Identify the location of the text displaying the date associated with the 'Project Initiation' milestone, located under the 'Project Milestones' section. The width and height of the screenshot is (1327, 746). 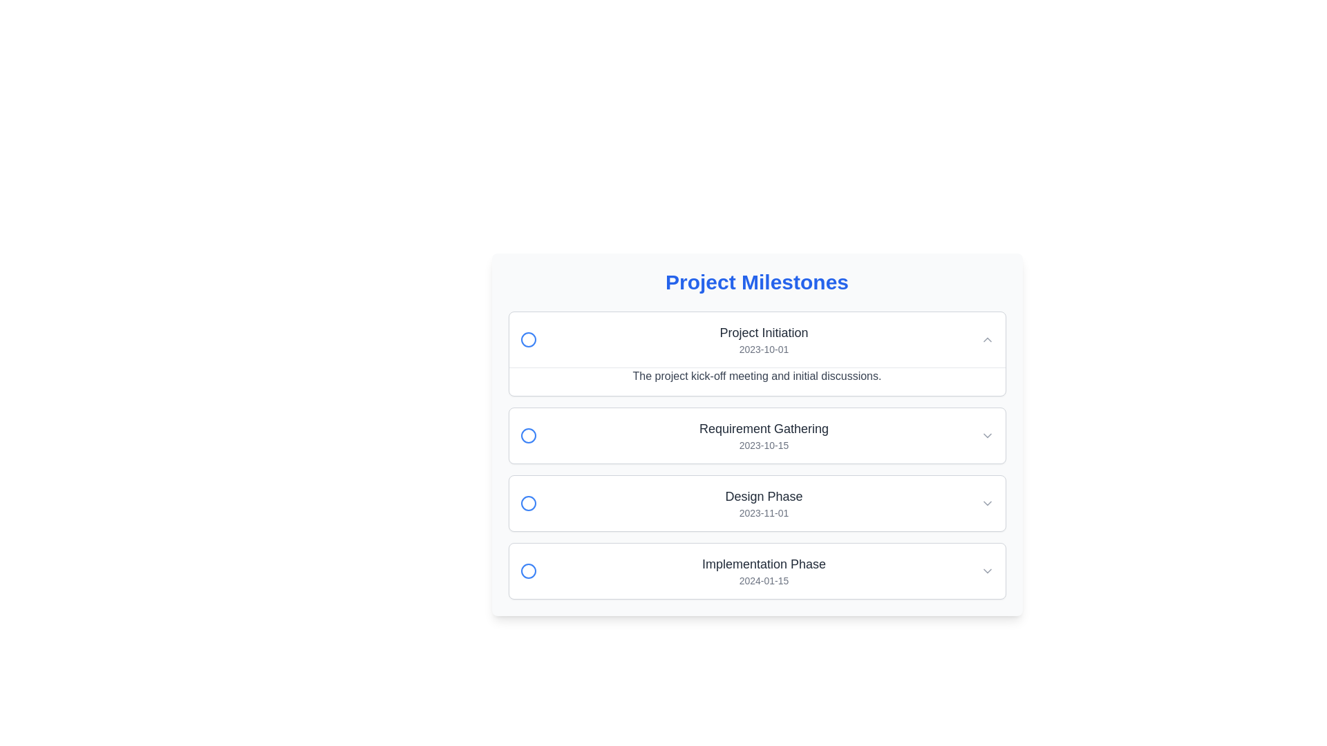
(763, 348).